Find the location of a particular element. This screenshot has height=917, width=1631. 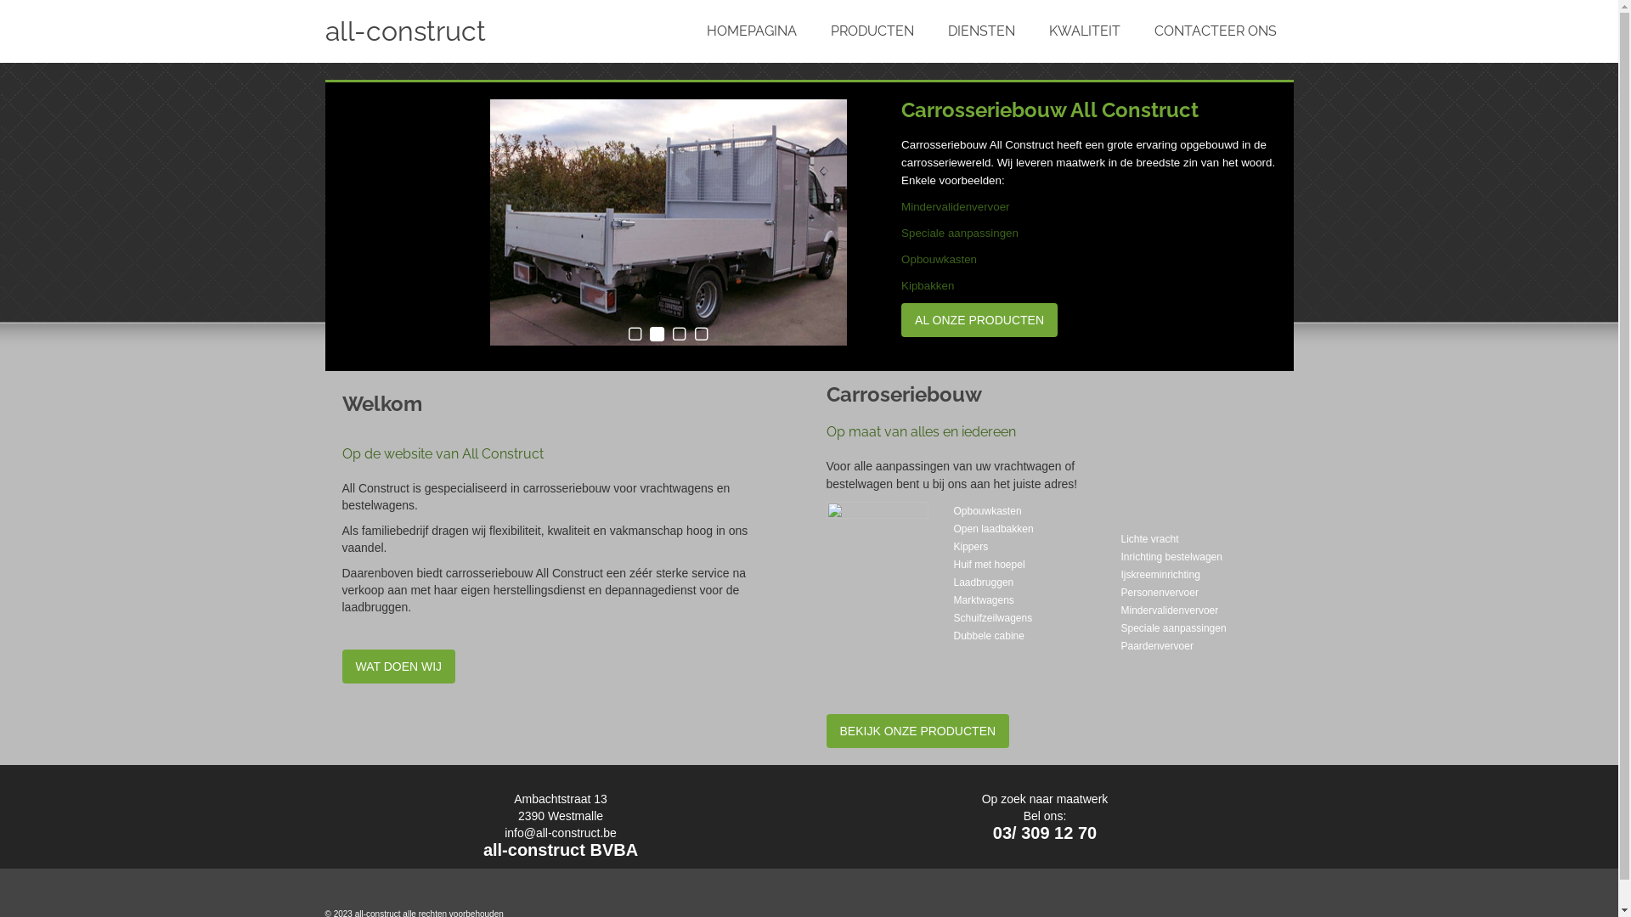

'DIENSTEN' is located at coordinates (981, 31).